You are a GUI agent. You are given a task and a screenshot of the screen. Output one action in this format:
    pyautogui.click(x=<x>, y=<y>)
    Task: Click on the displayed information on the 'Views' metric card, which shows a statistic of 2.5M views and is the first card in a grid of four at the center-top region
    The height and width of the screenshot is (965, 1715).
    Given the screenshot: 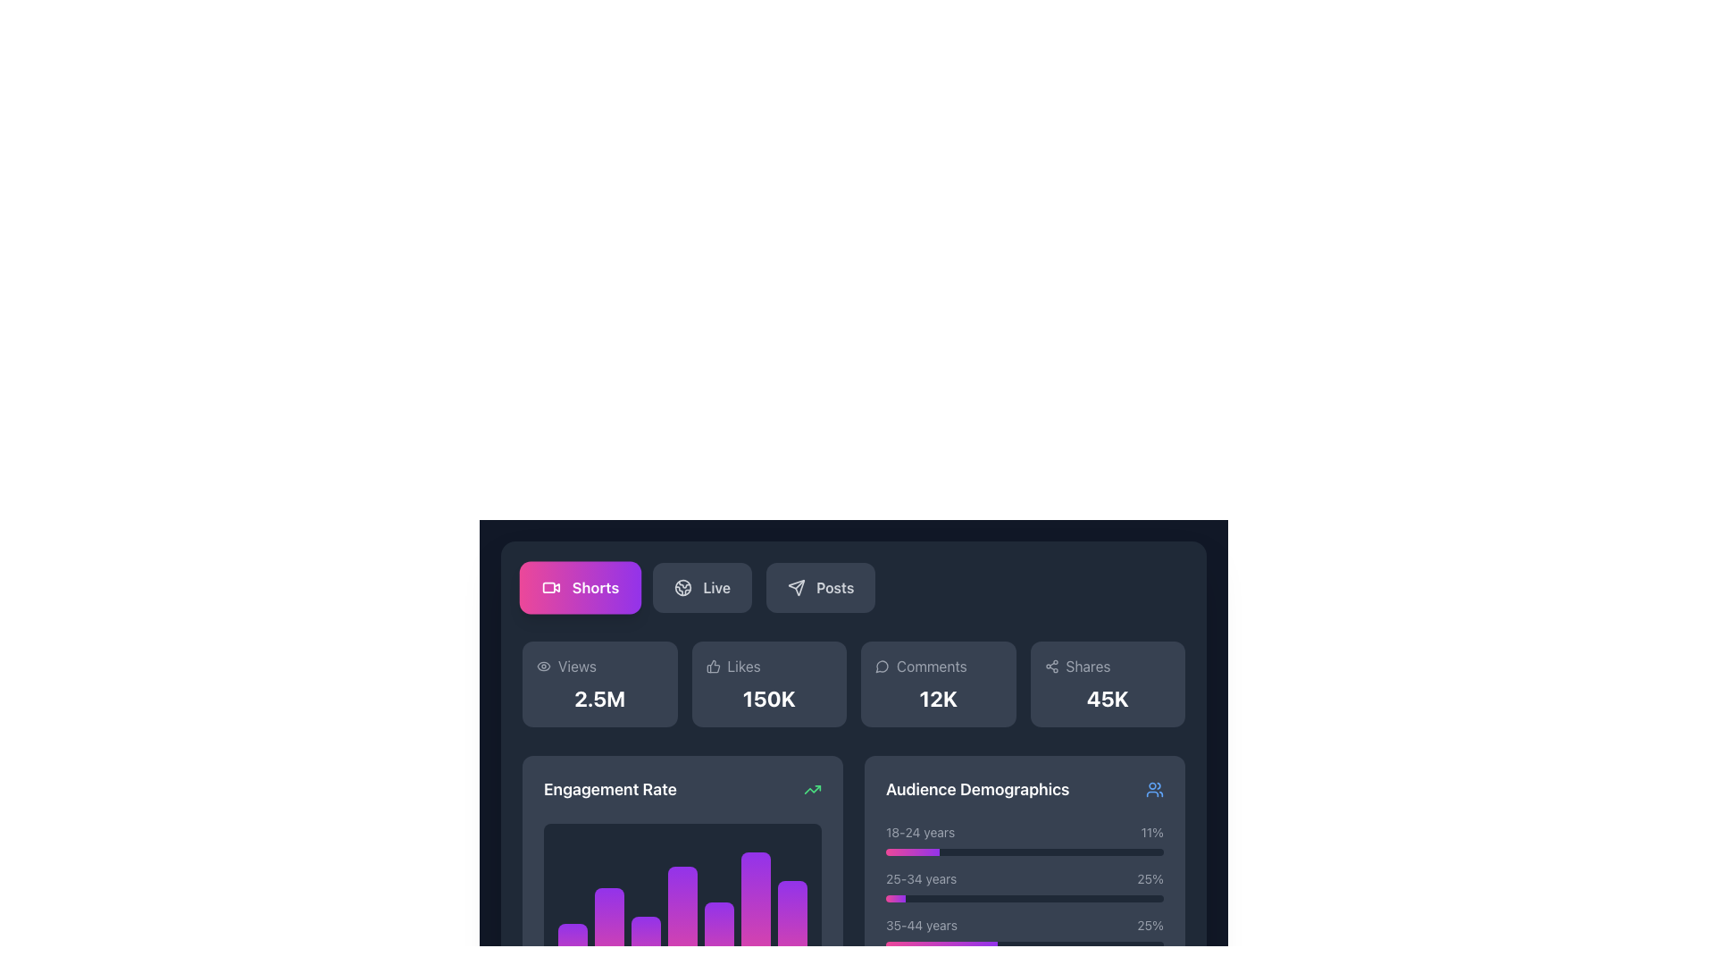 What is the action you would take?
    pyautogui.click(x=599, y=684)
    